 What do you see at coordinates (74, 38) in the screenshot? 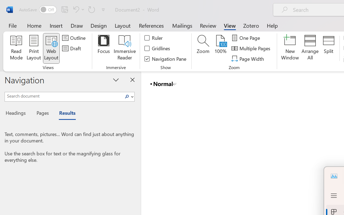
I see `'Outline'` at bounding box center [74, 38].